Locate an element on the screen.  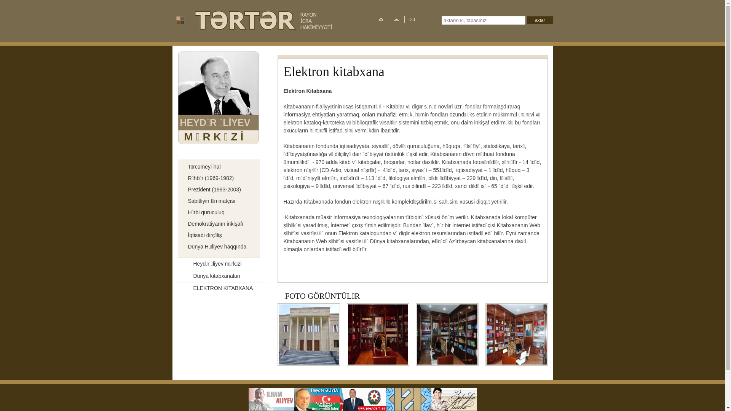
'ELEKTRON KITABXANA' is located at coordinates (177, 288).